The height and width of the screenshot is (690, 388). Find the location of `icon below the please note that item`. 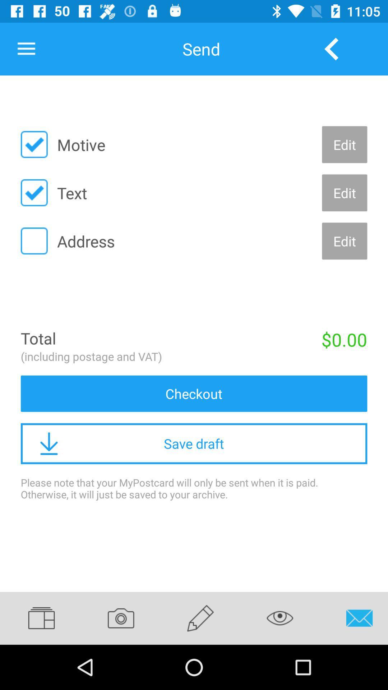

icon below the please note that item is located at coordinates (121, 618).